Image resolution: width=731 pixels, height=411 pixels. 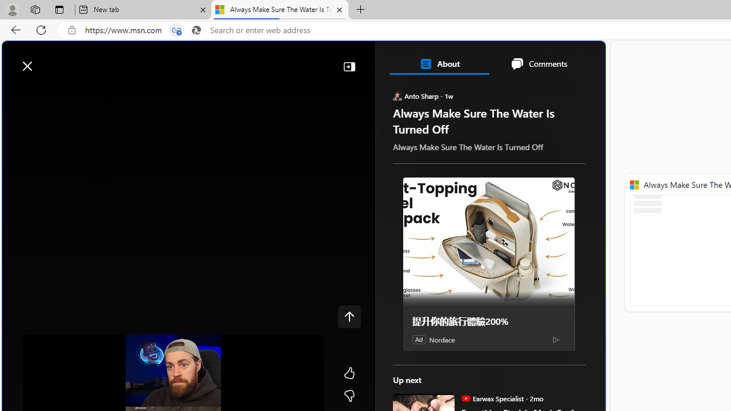 I want to click on 'About', so click(x=439, y=64).